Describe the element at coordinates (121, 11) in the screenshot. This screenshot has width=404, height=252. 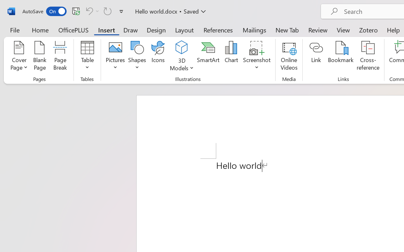
I see `'Customize Quick Access Toolbar'` at that location.